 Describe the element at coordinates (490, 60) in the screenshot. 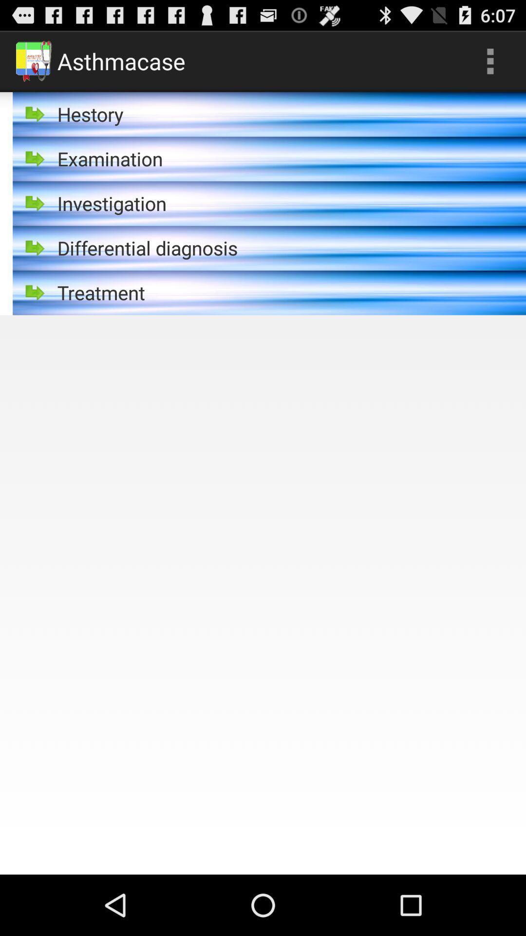

I see `app to the right of asthmacase item` at that location.